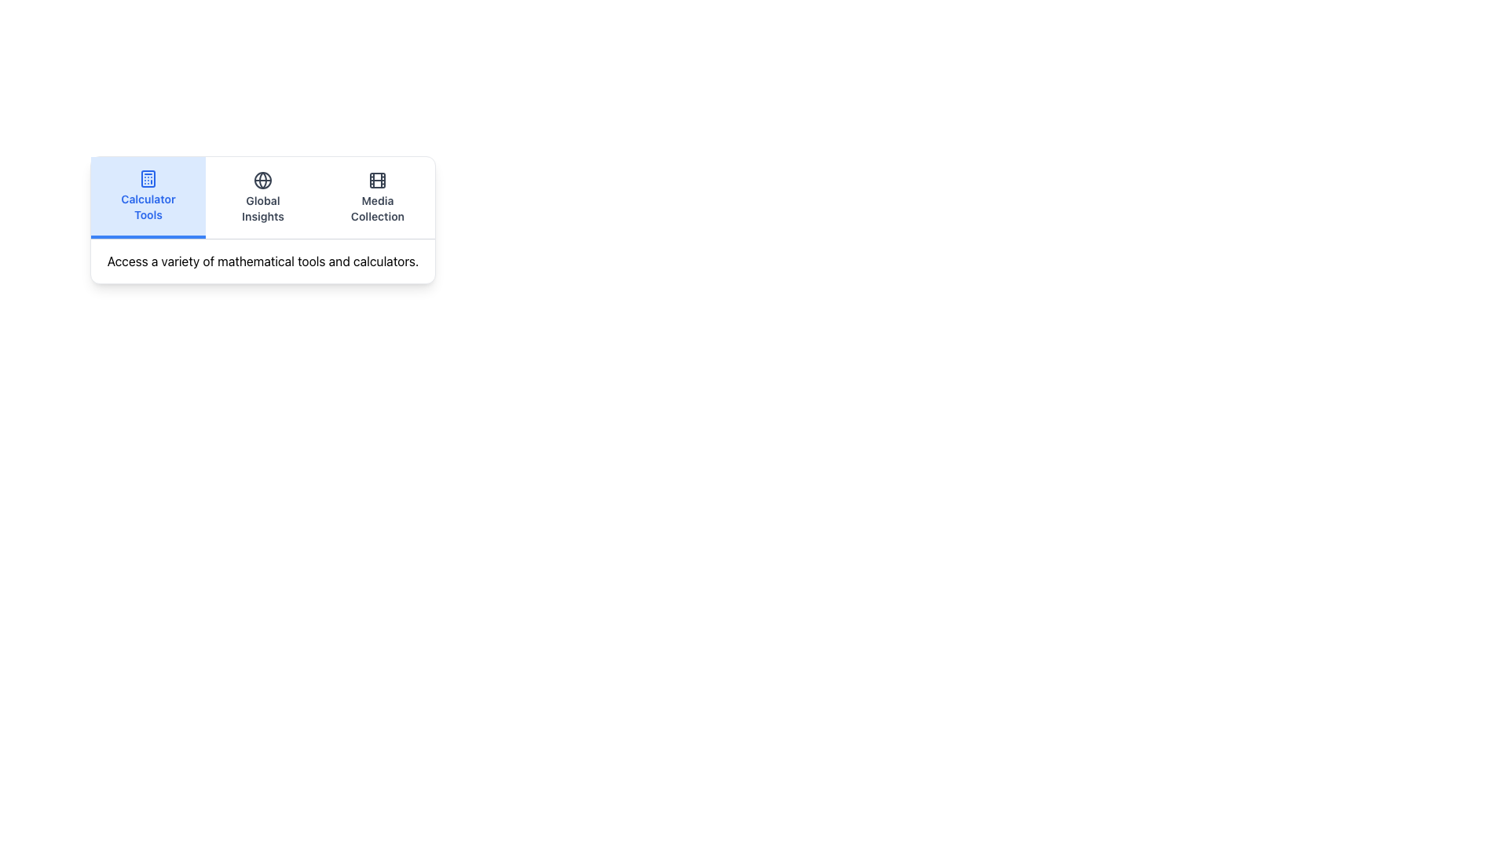 The width and height of the screenshot is (1508, 848). What do you see at coordinates (263, 197) in the screenshot?
I see `the section of the Navigation Tab Bar` at bounding box center [263, 197].